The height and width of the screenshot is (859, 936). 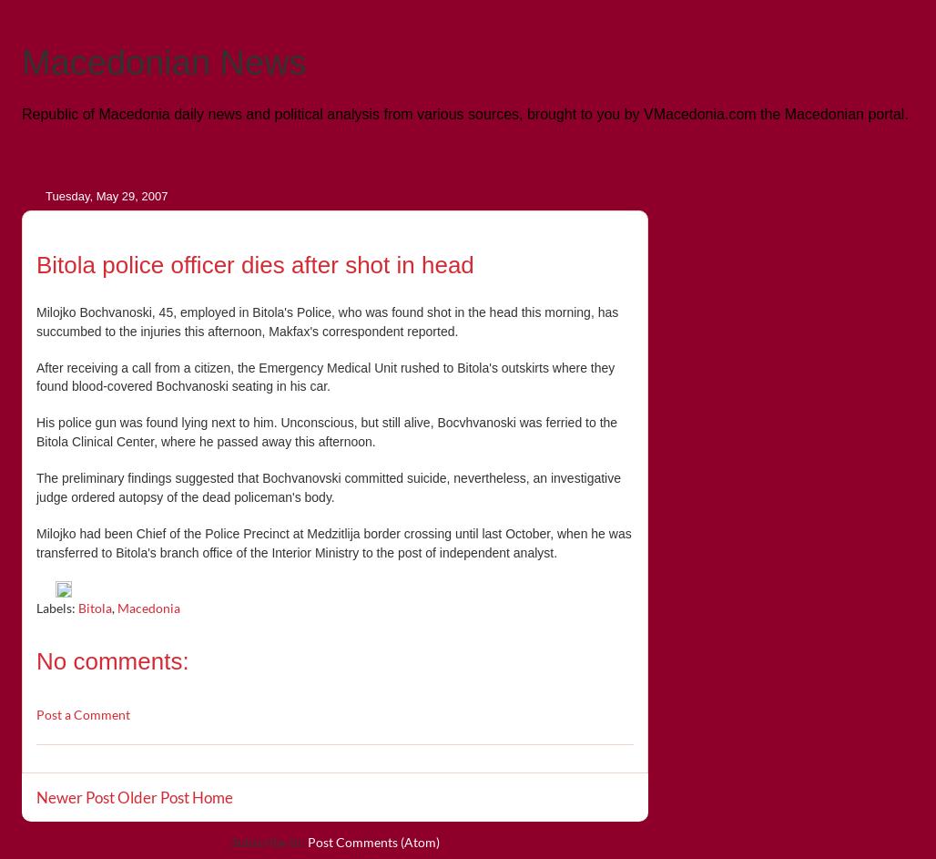 What do you see at coordinates (77, 608) in the screenshot?
I see `'Bitola'` at bounding box center [77, 608].